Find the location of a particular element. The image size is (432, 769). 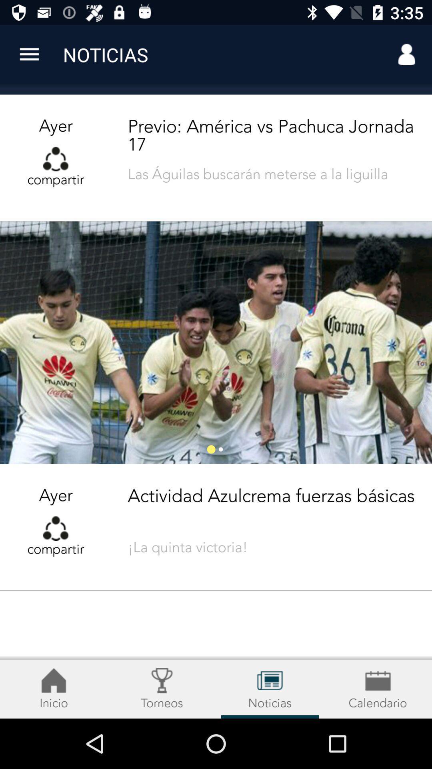

the location icon is located at coordinates (162, 688).